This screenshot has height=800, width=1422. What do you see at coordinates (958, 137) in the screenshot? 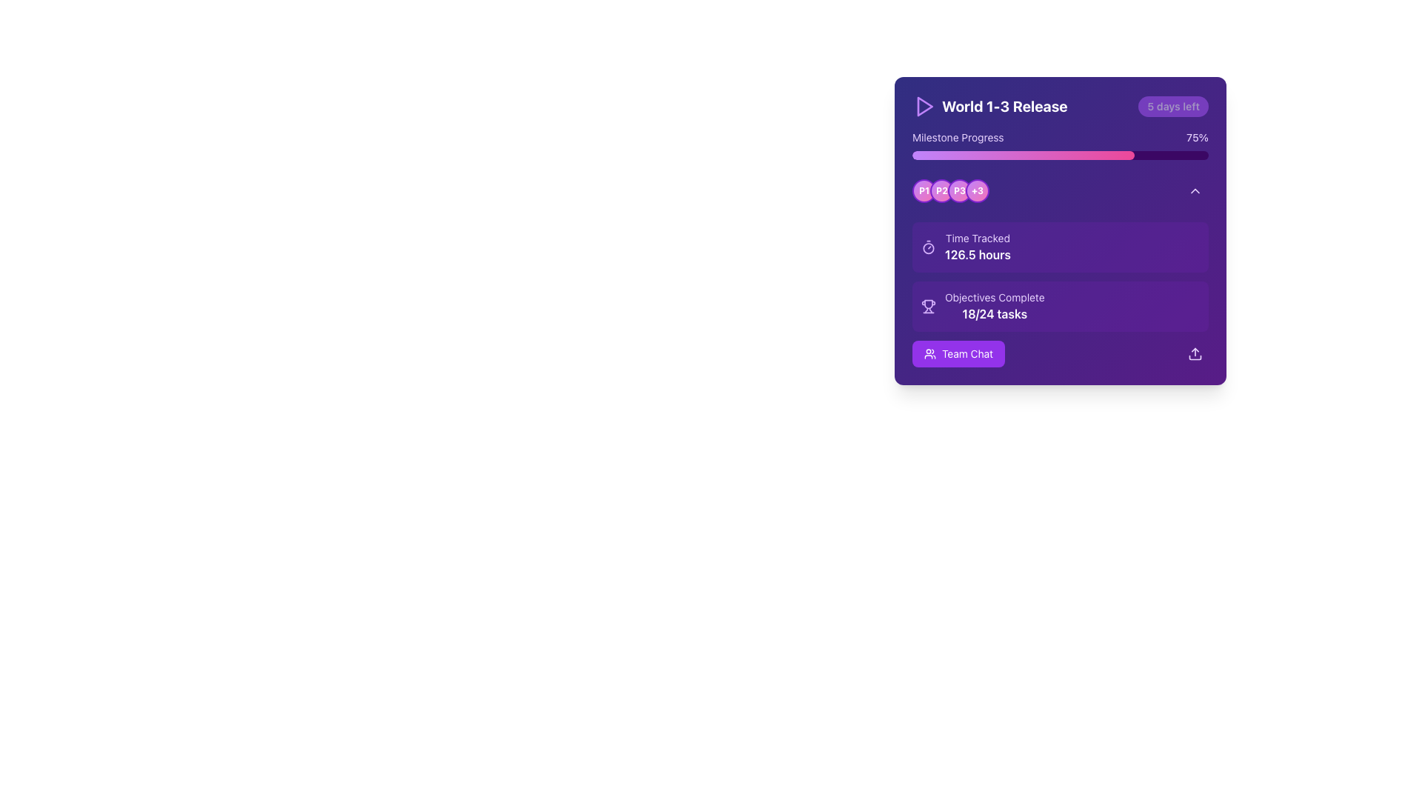
I see `the static text label displaying 'Milestone Progress', which is in a small, light purple font on a dark purple background, positioned below the title 'World 1-3 Release'` at bounding box center [958, 137].